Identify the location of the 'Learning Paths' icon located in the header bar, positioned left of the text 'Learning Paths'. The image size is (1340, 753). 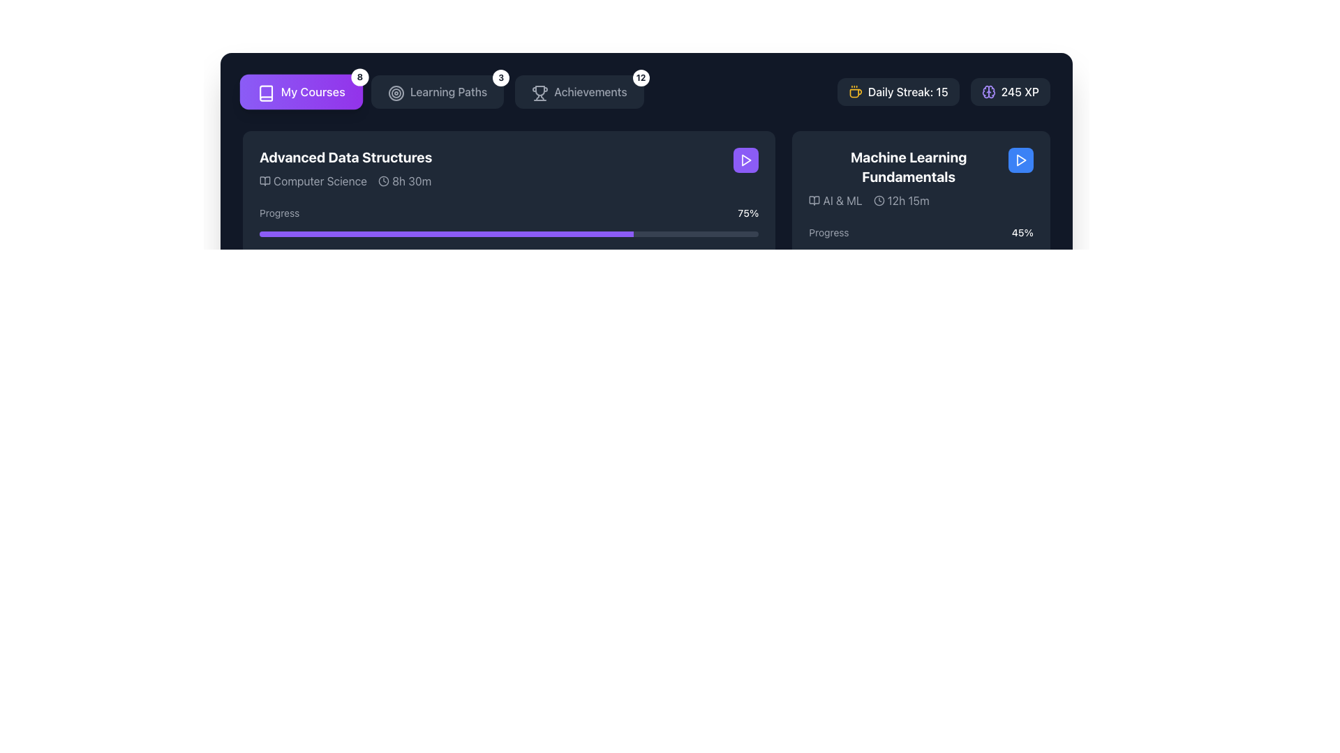
(394, 91).